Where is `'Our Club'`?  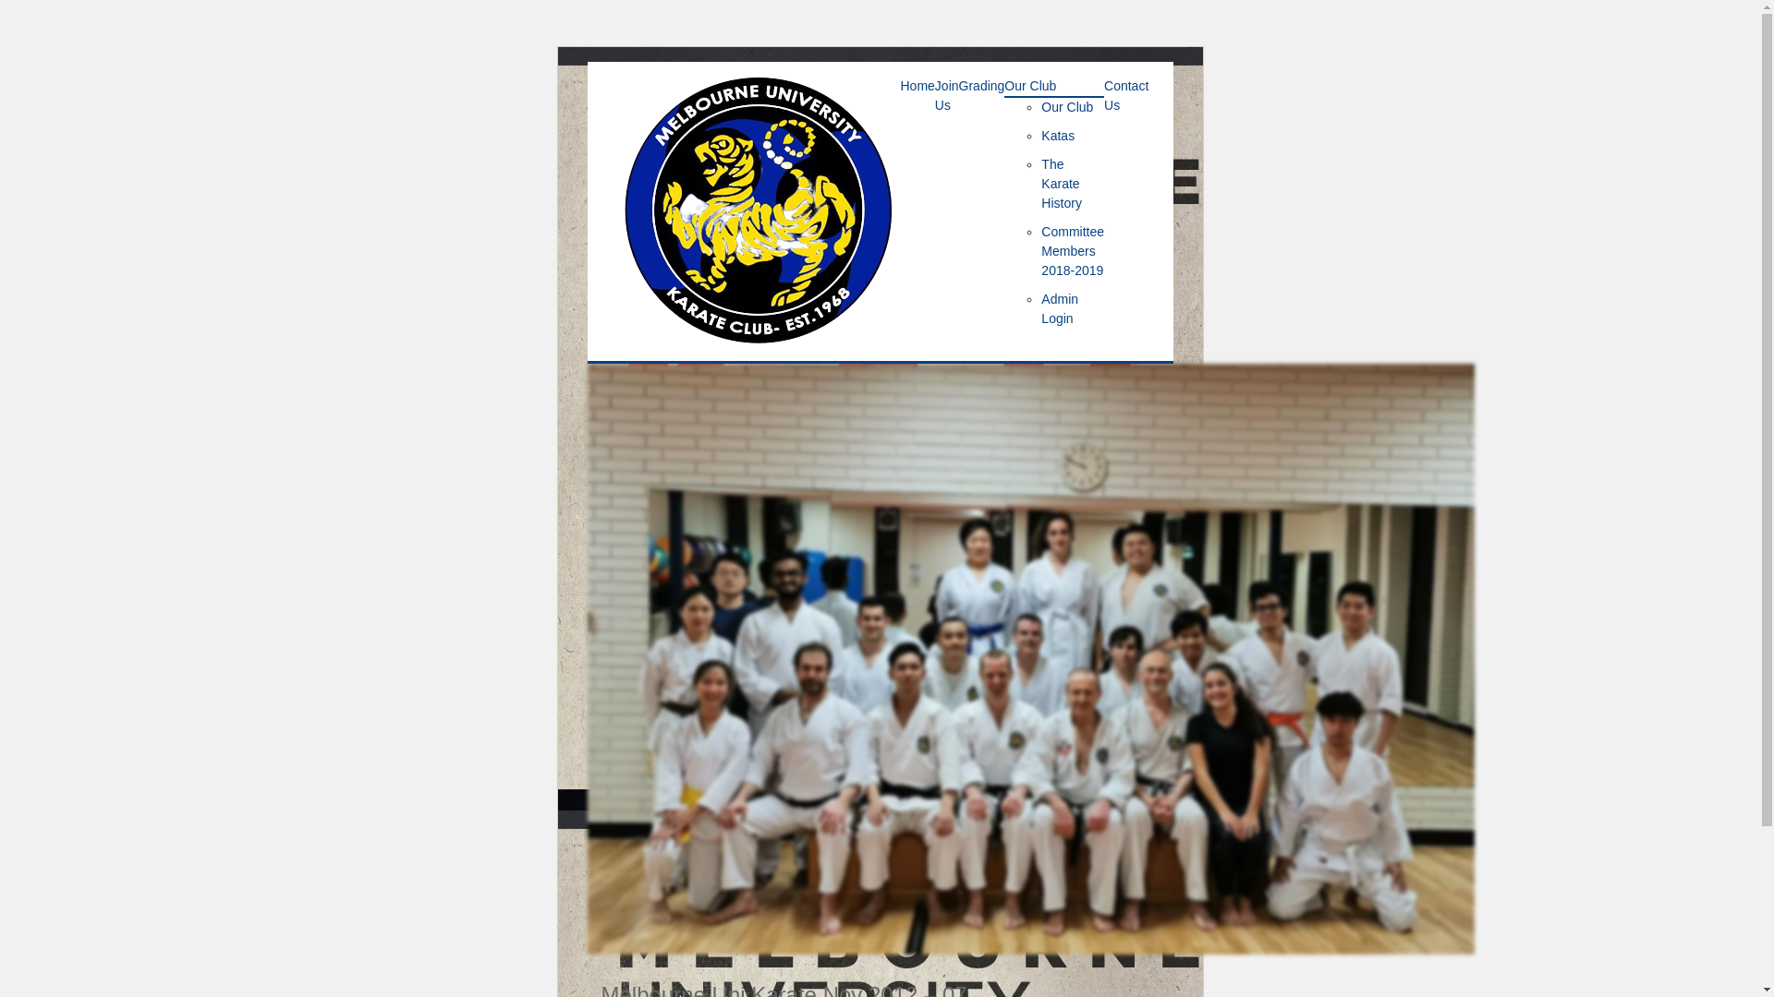
'Our Club' is located at coordinates (1067, 106).